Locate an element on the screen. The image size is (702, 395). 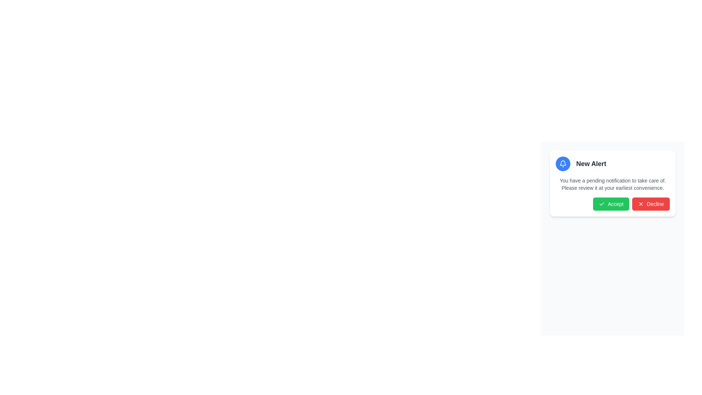
the checkmark icon located inside the 'Accept' button, positioned towards the left-hand side of the button is located at coordinates (602, 204).